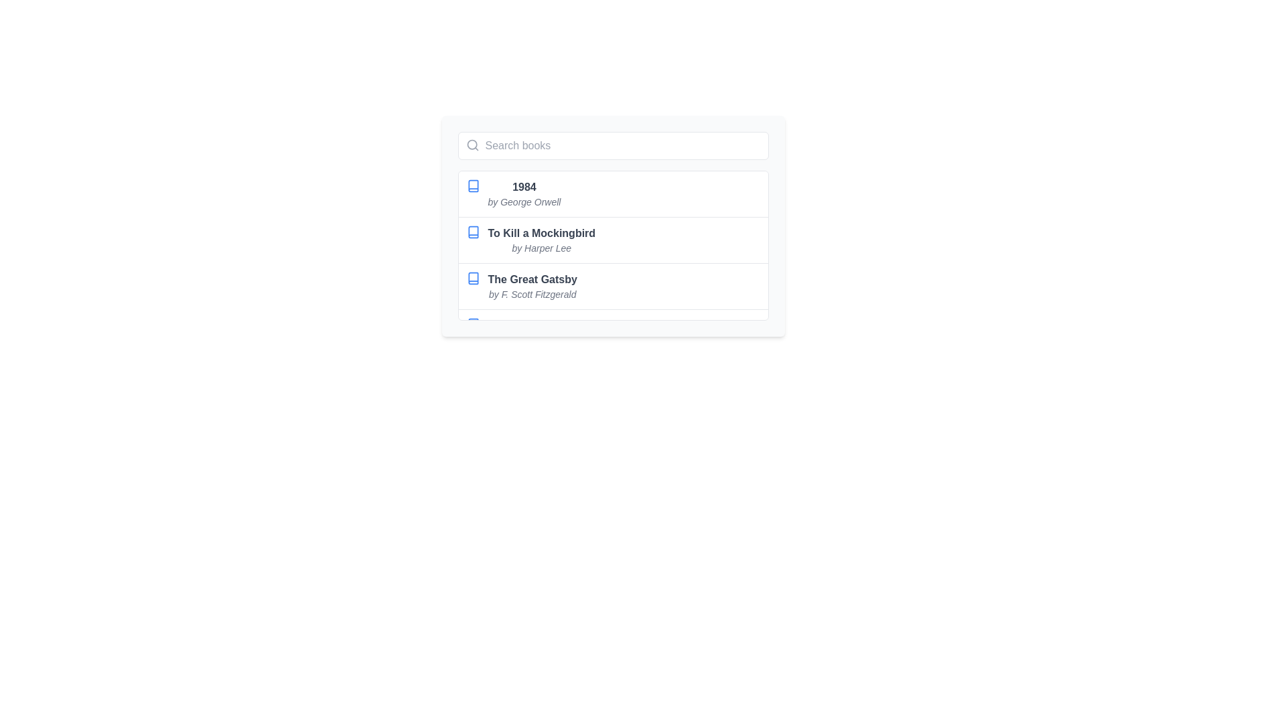 This screenshot has height=723, width=1286. Describe the element at coordinates (473, 232) in the screenshot. I see `the blue book icon located in the second list item, which precedes the title 'To Kill a Mockingbird'` at that location.